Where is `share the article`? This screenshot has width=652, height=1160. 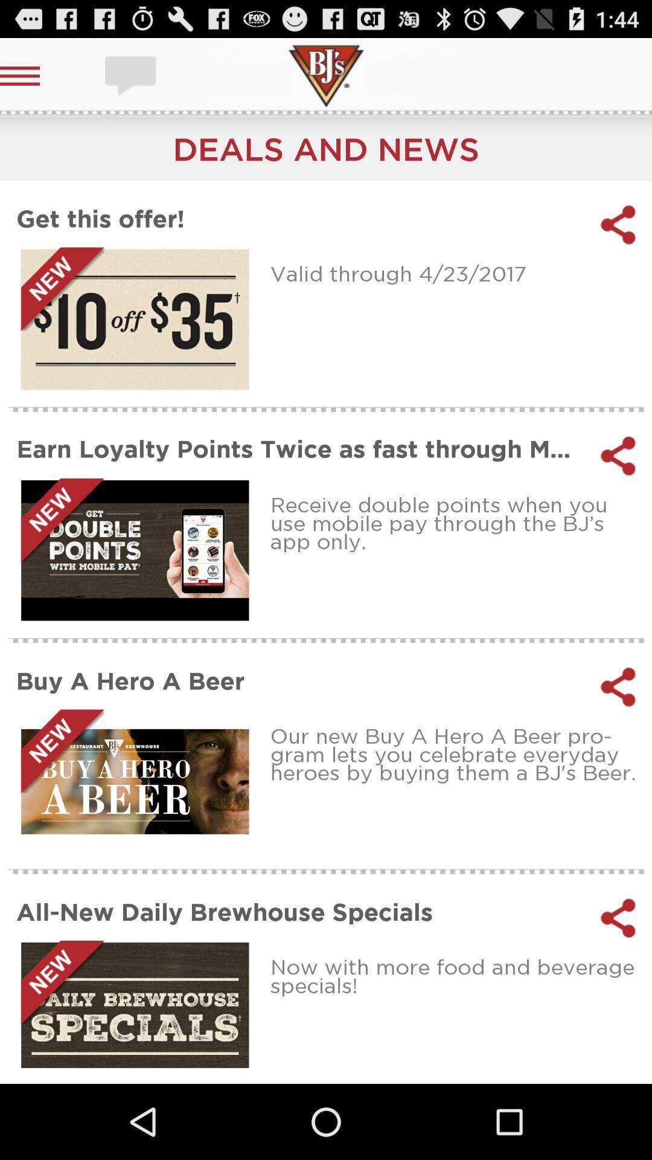
share the article is located at coordinates (618, 455).